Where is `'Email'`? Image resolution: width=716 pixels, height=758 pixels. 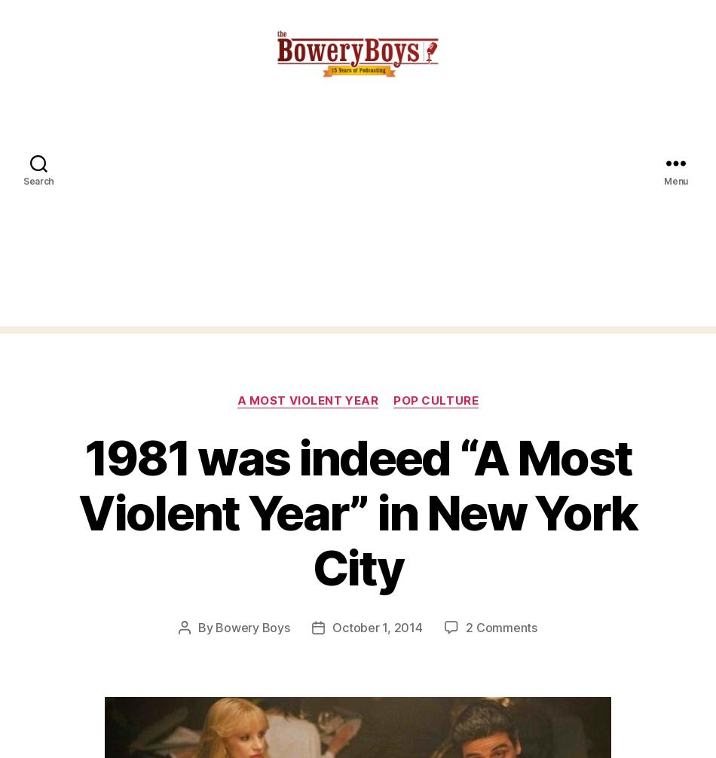
'Email' is located at coordinates (381, 238).